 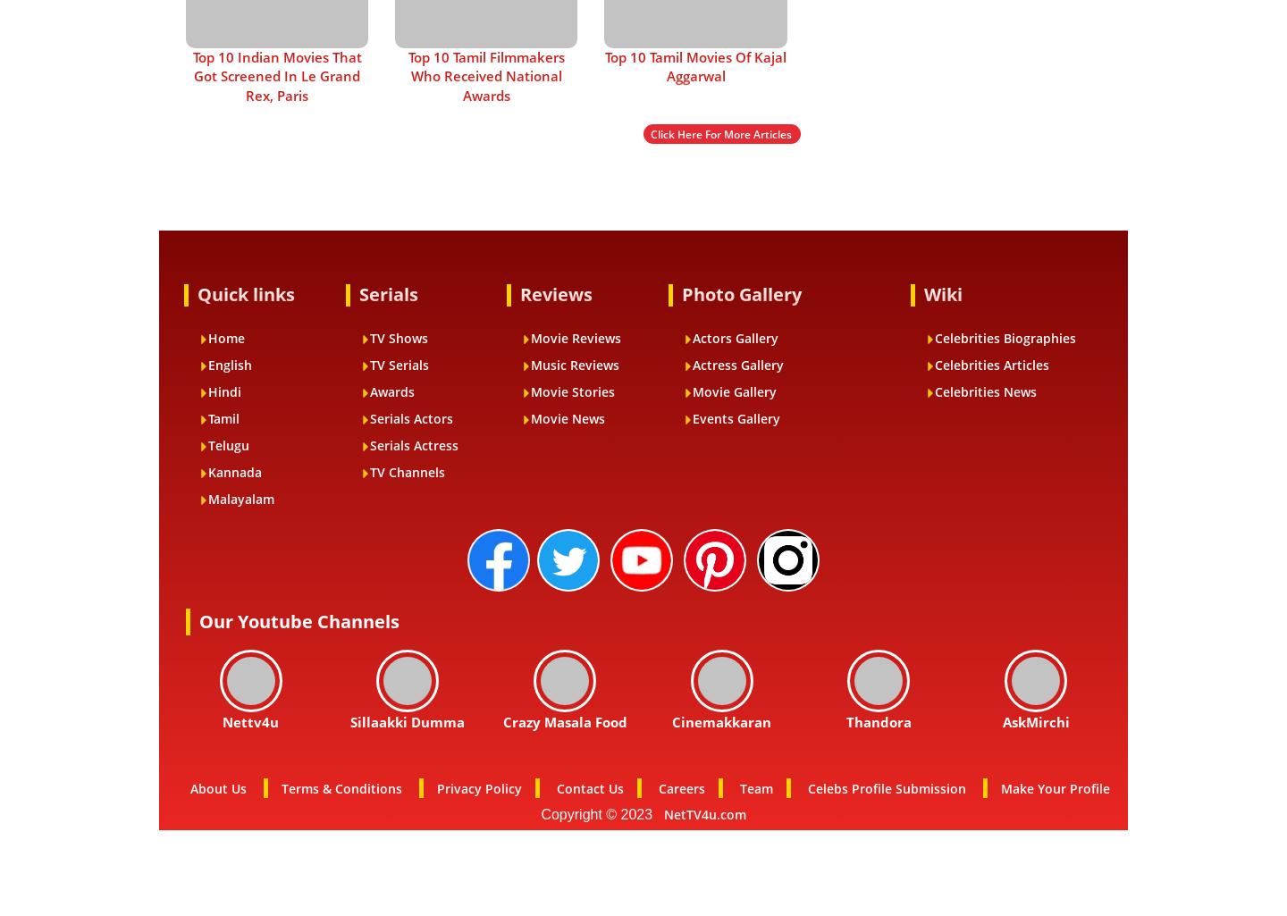 I want to click on 'Careers', so click(x=681, y=787).